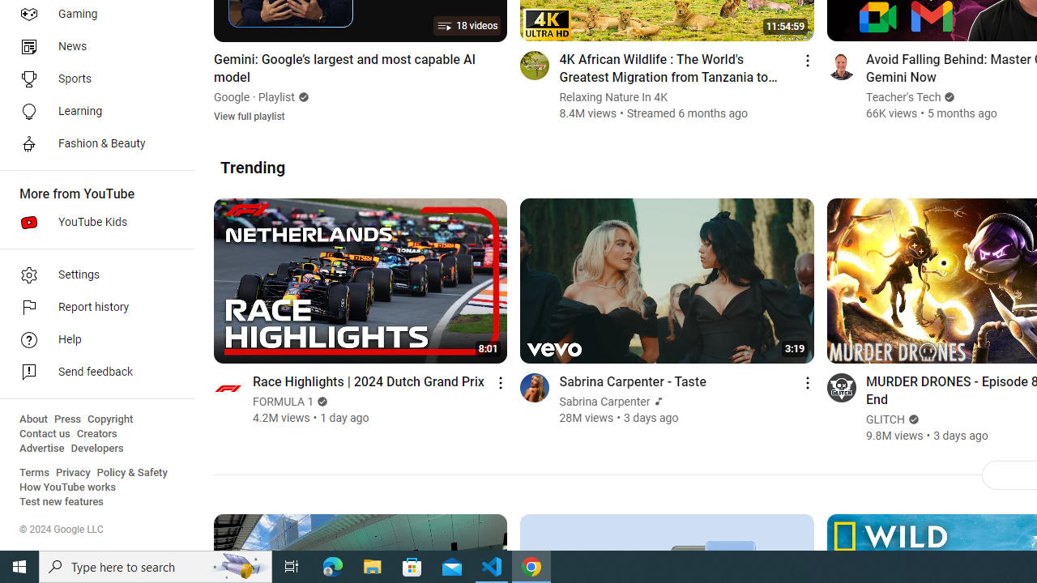 The image size is (1037, 583). What do you see at coordinates (62, 501) in the screenshot?
I see `'Test new features'` at bounding box center [62, 501].